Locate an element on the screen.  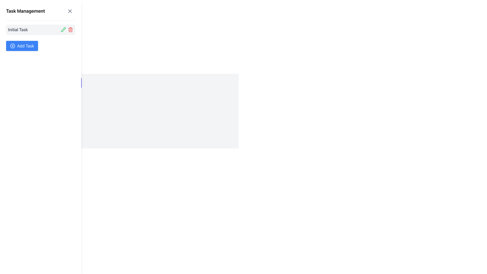
the circular icon with a centered plus symbol that is embedded within the blue 'Add Task' button is located at coordinates (12, 46).